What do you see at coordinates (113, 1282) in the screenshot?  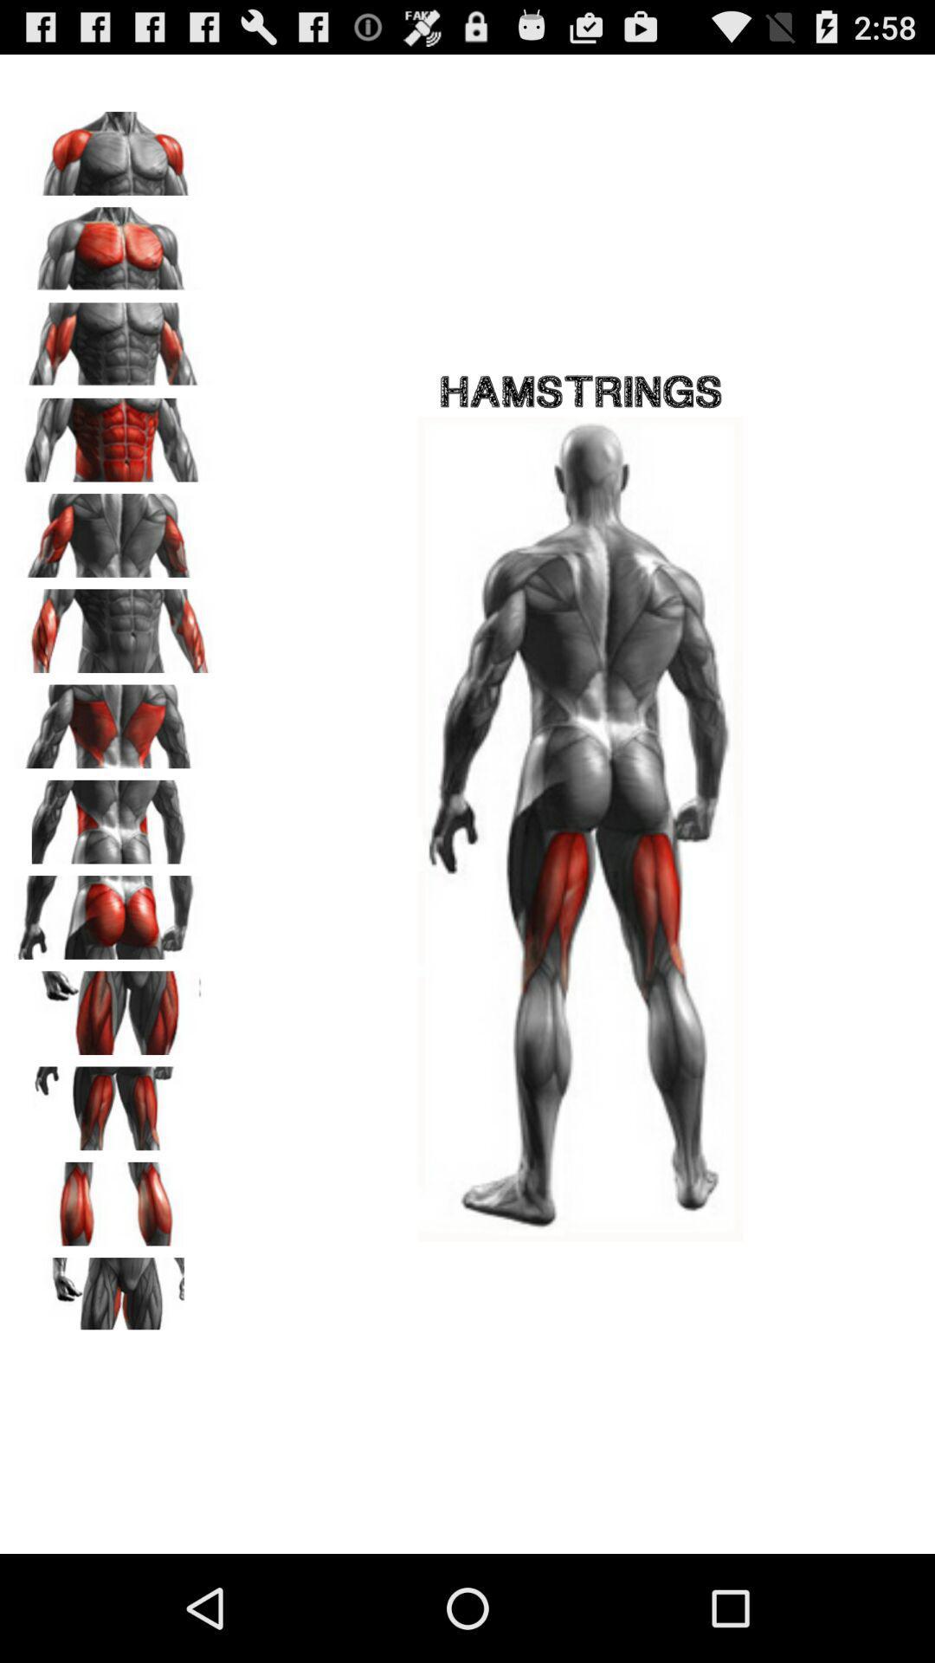 I see `the pause icon` at bounding box center [113, 1282].